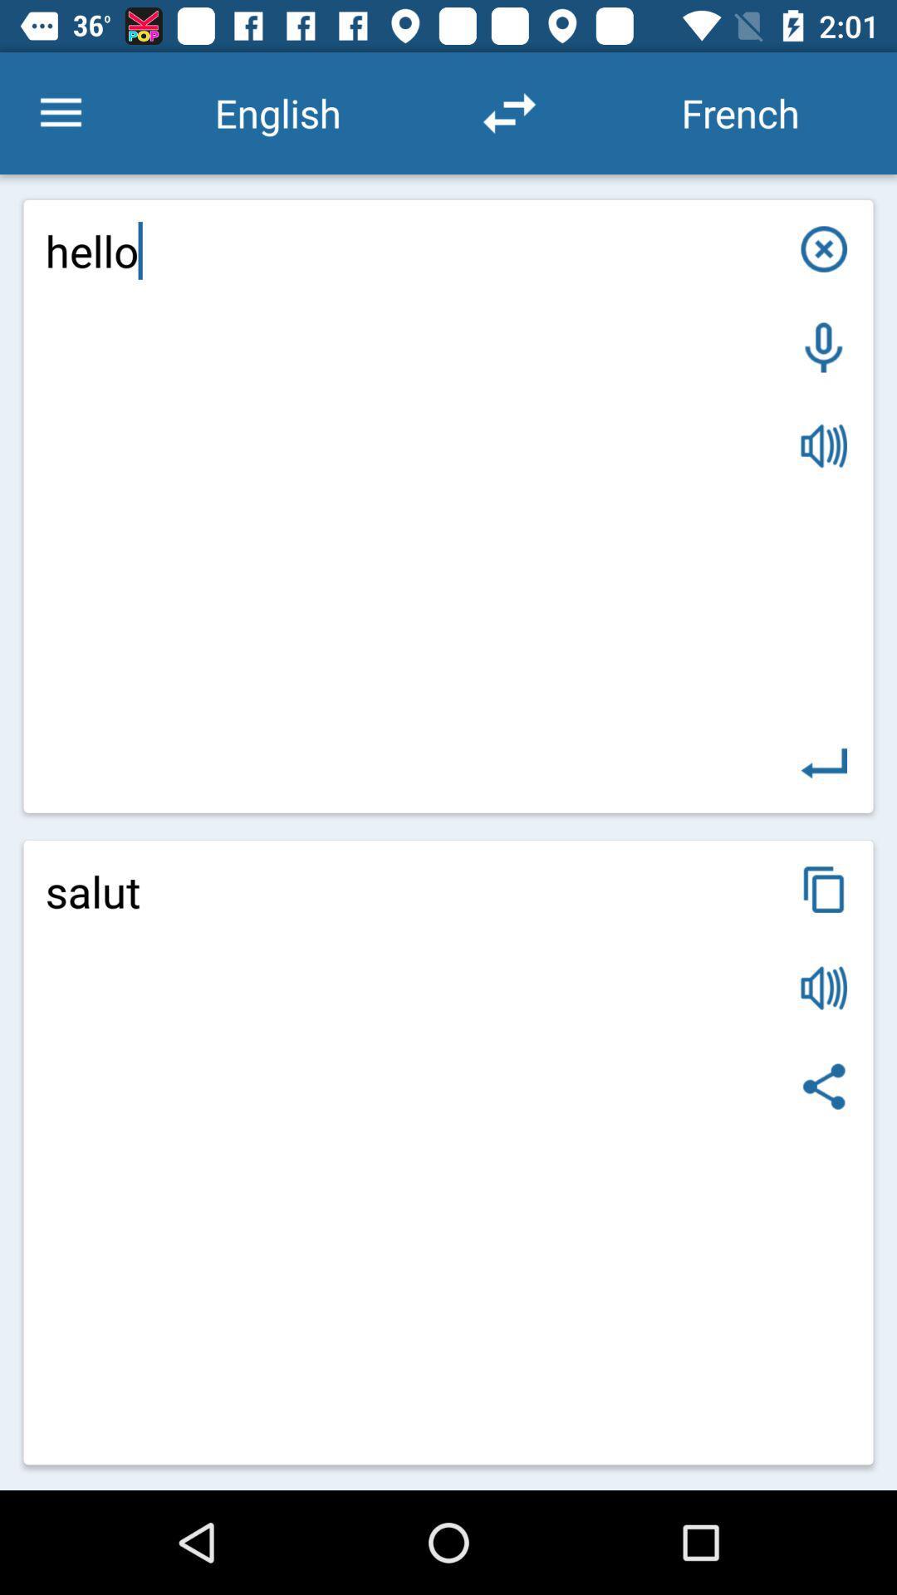 This screenshot has height=1595, width=897. What do you see at coordinates (60, 112) in the screenshot?
I see `the icon above hello item` at bounding box center [60, 112].